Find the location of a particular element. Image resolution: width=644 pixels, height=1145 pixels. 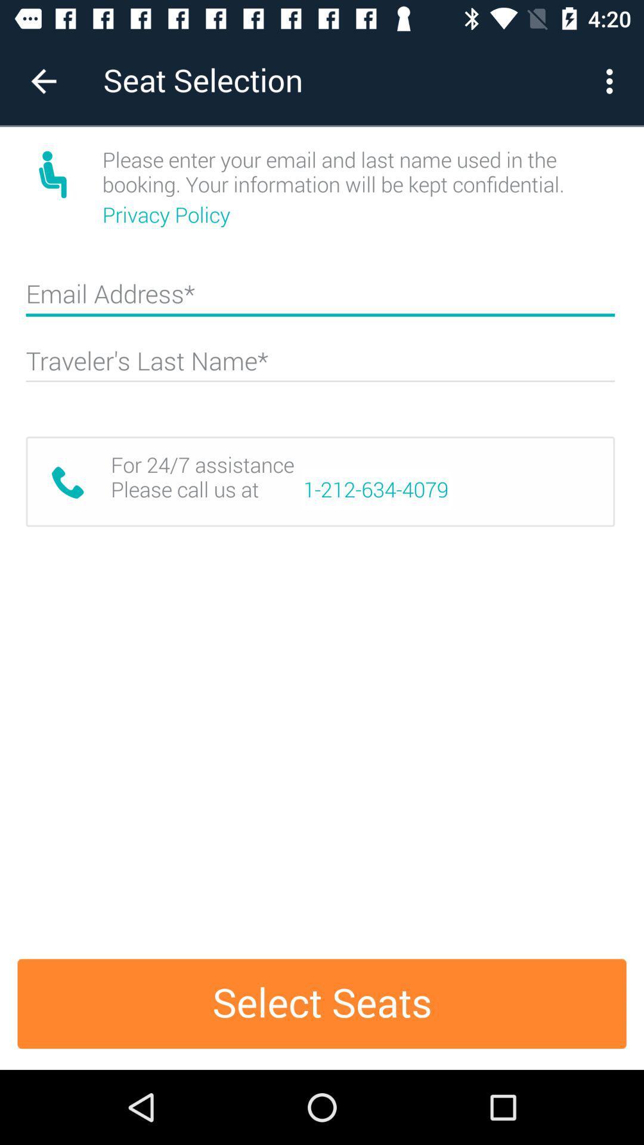

the 1 212 634 is located at coordinates (376, 490).